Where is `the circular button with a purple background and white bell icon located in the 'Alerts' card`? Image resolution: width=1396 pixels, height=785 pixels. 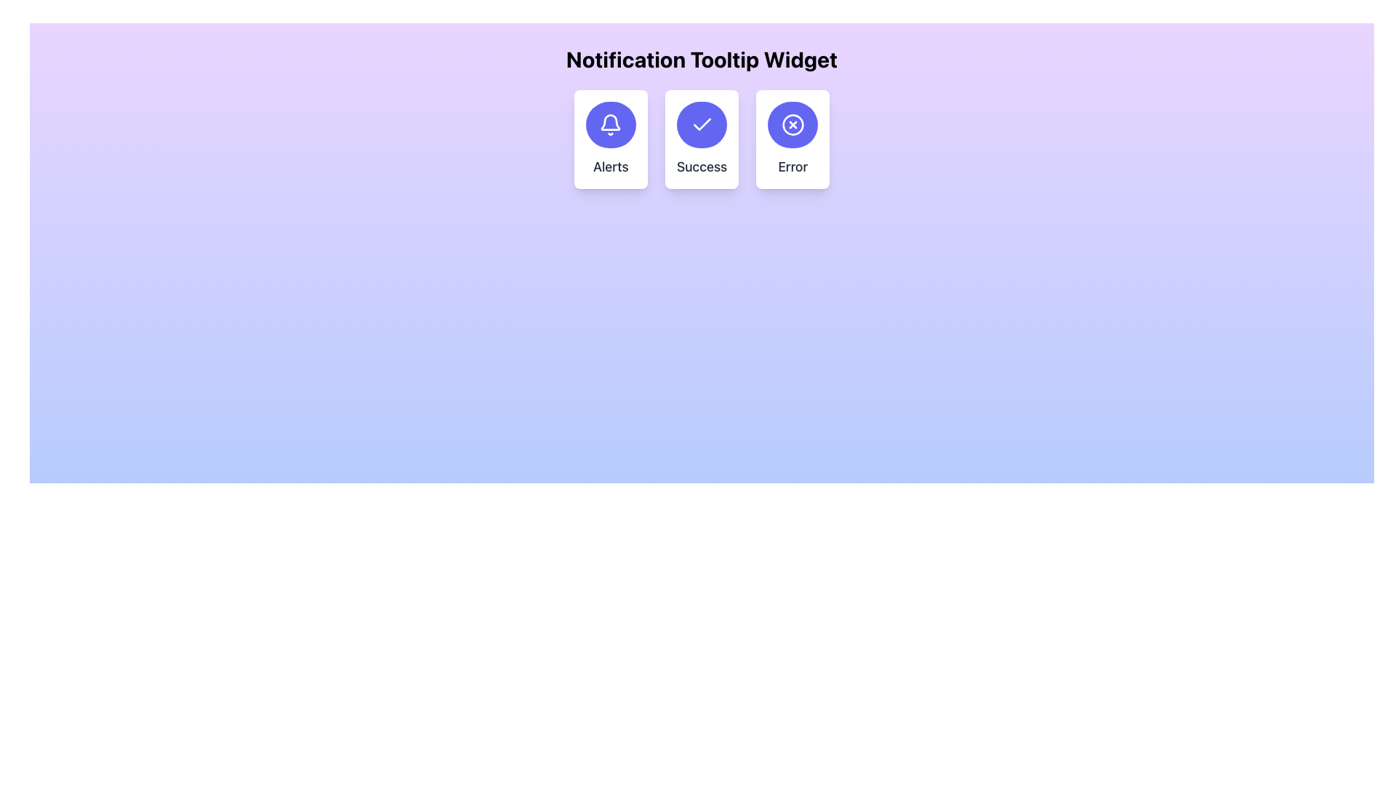
the circular button with a purple background and white bell icon located in the 'Alerts' card is located at coordinates (611, 124).